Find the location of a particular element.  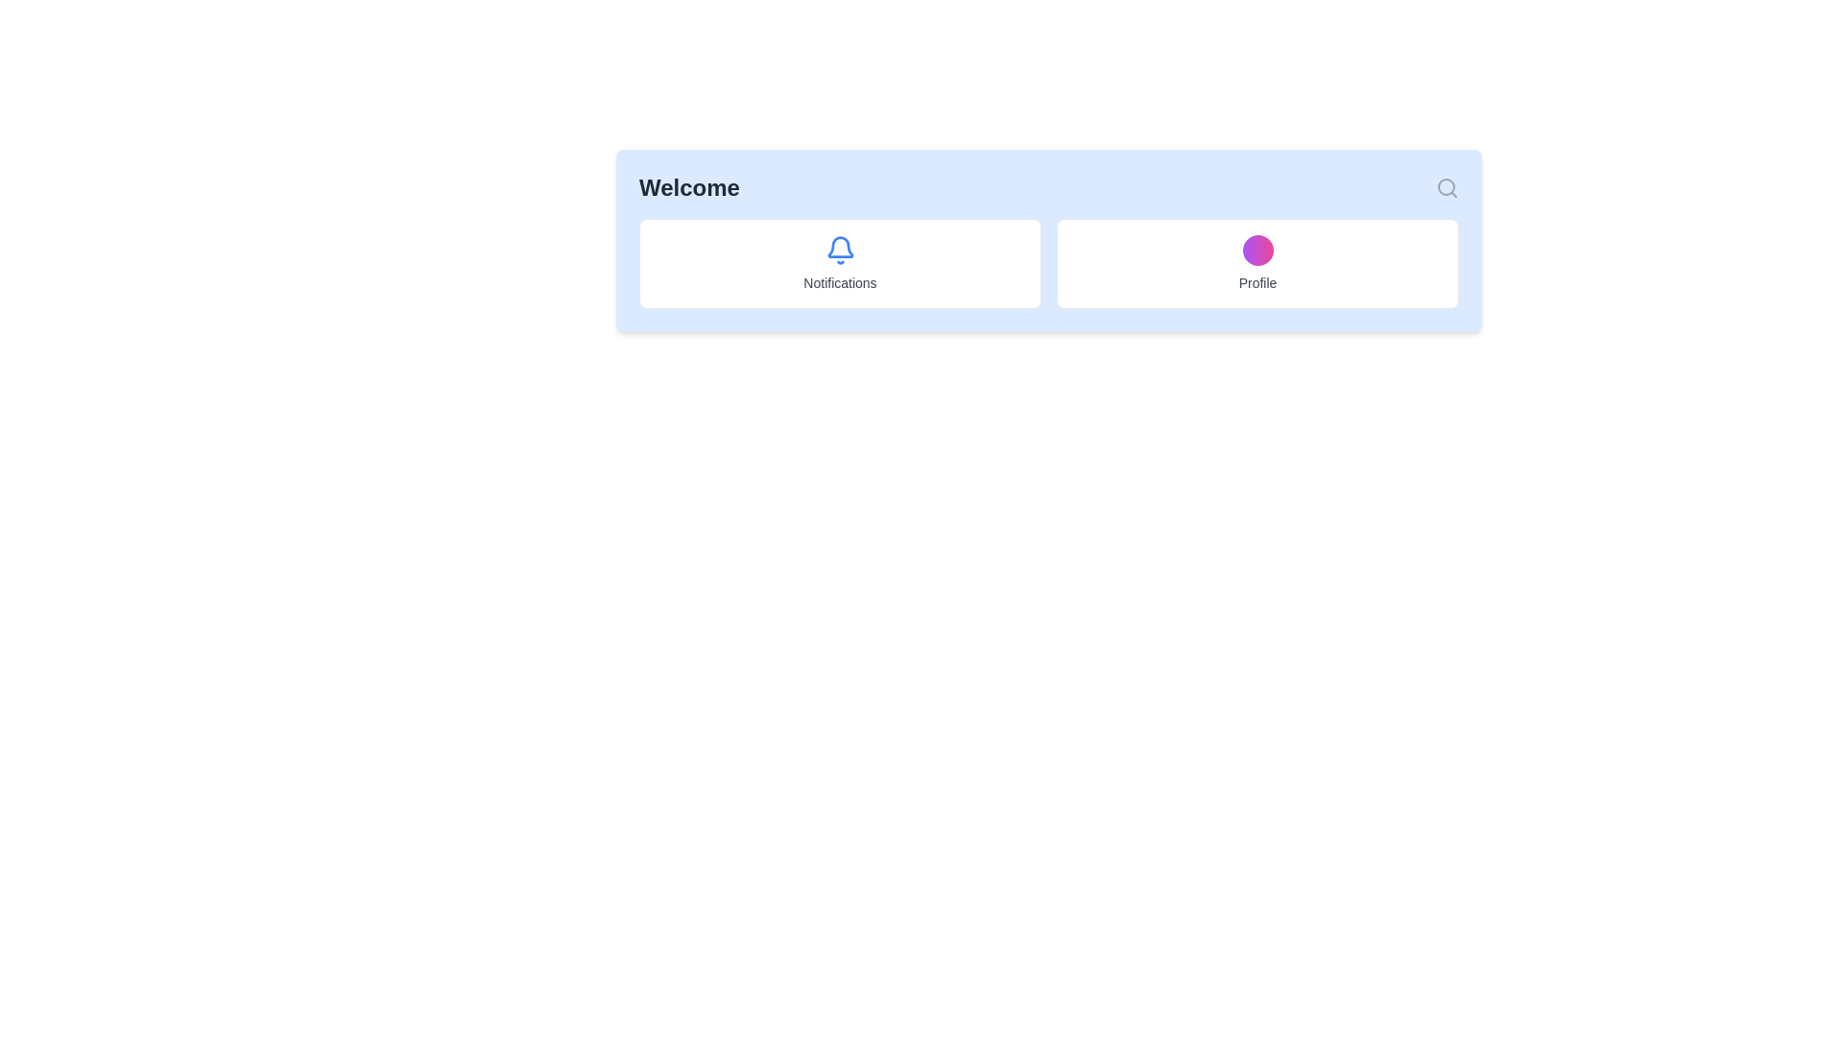

the notification Card element, which is the first item in a horizontally aligned grid layout is located at coordinates (840, 263).